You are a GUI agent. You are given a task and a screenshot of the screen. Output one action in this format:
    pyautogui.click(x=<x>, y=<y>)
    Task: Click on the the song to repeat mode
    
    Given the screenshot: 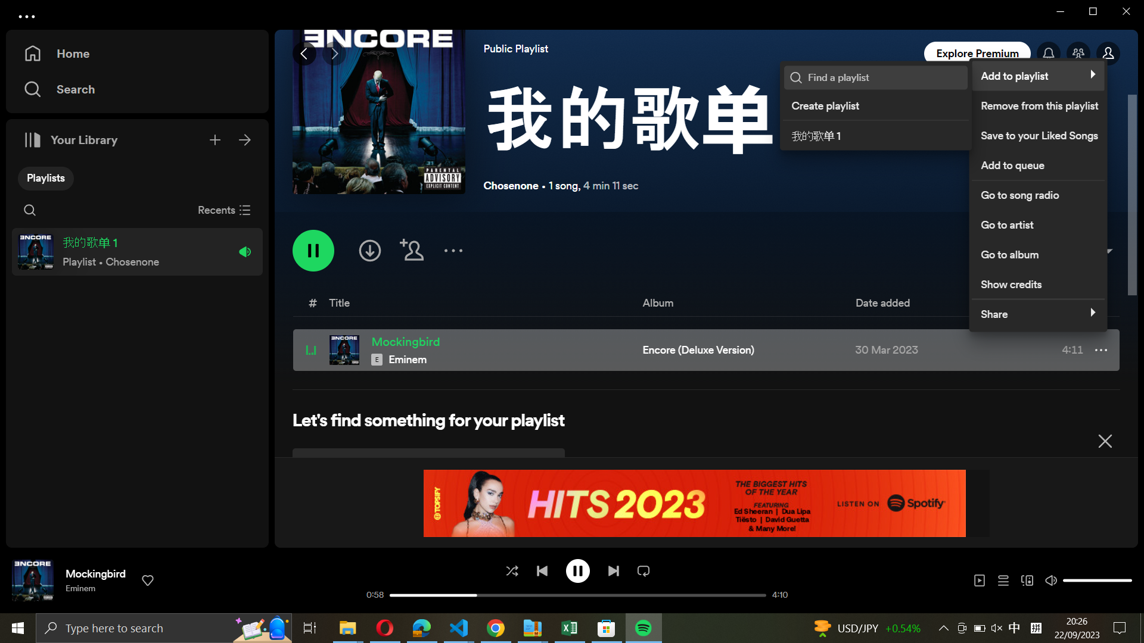 What is the action you would take?
    pyautogui.click(x=643, y=569)
    